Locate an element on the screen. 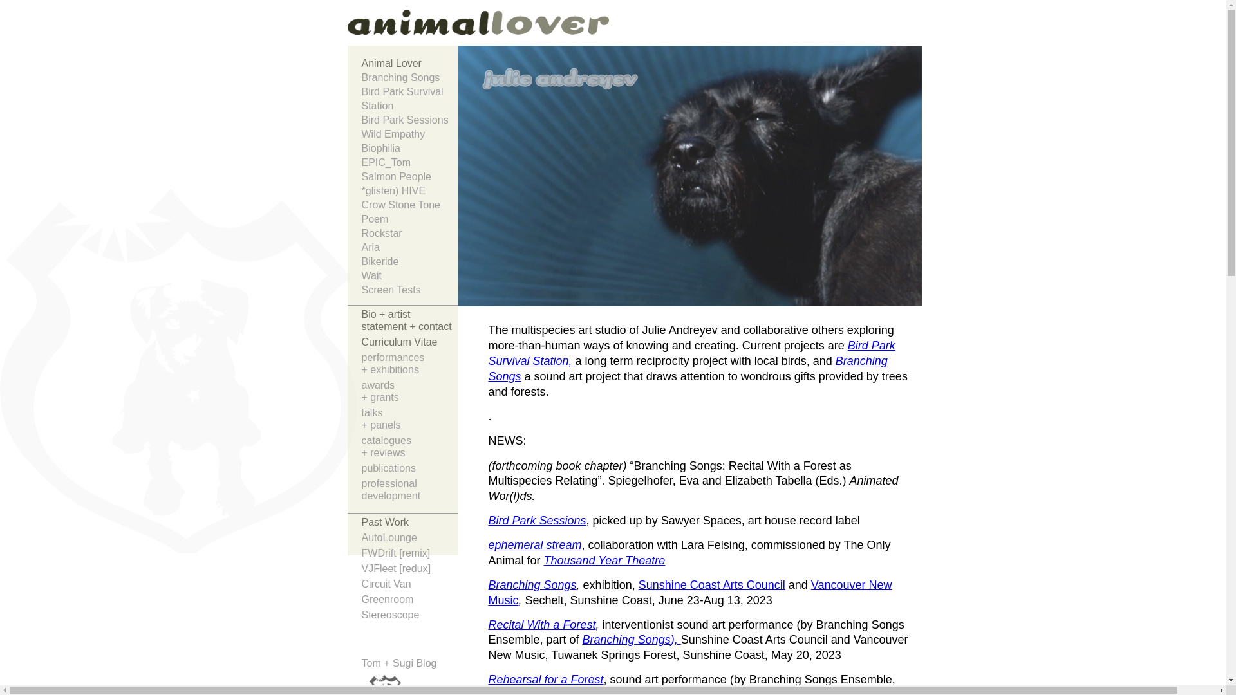 Image resolution: width=1236 pixels, height=695 pixels. 'EPIC_Tom' is located at coordinates (360, 162).